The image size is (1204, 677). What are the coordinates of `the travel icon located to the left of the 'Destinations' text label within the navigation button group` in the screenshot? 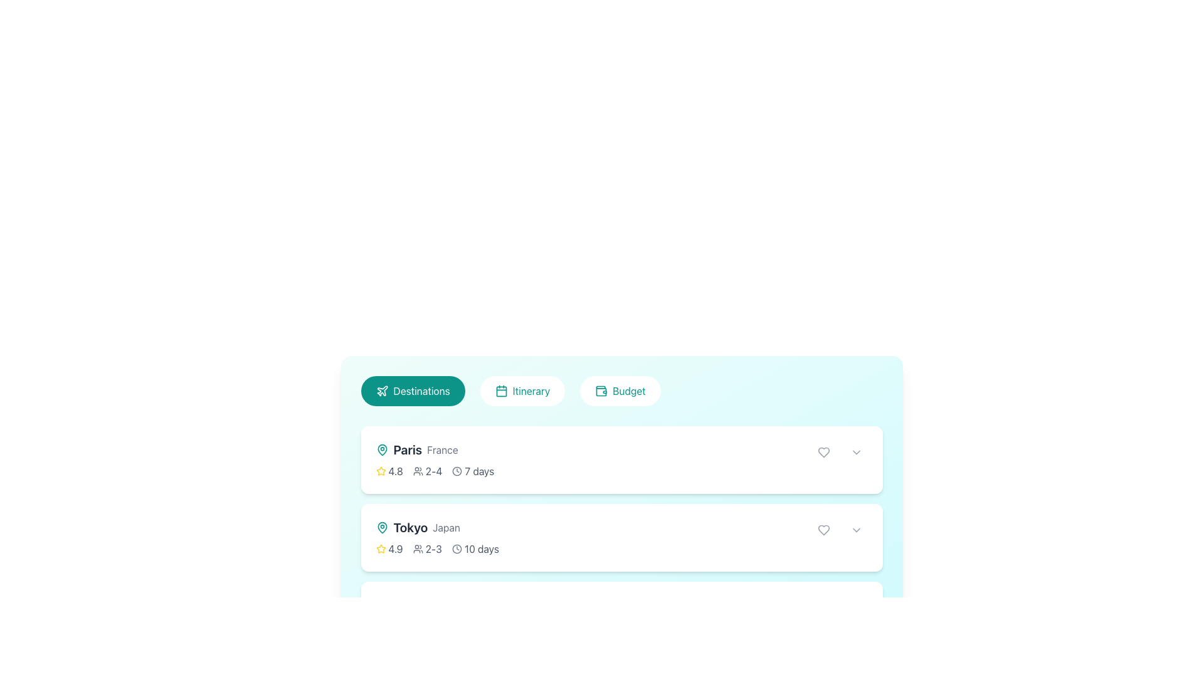 It's located at (381, 391).